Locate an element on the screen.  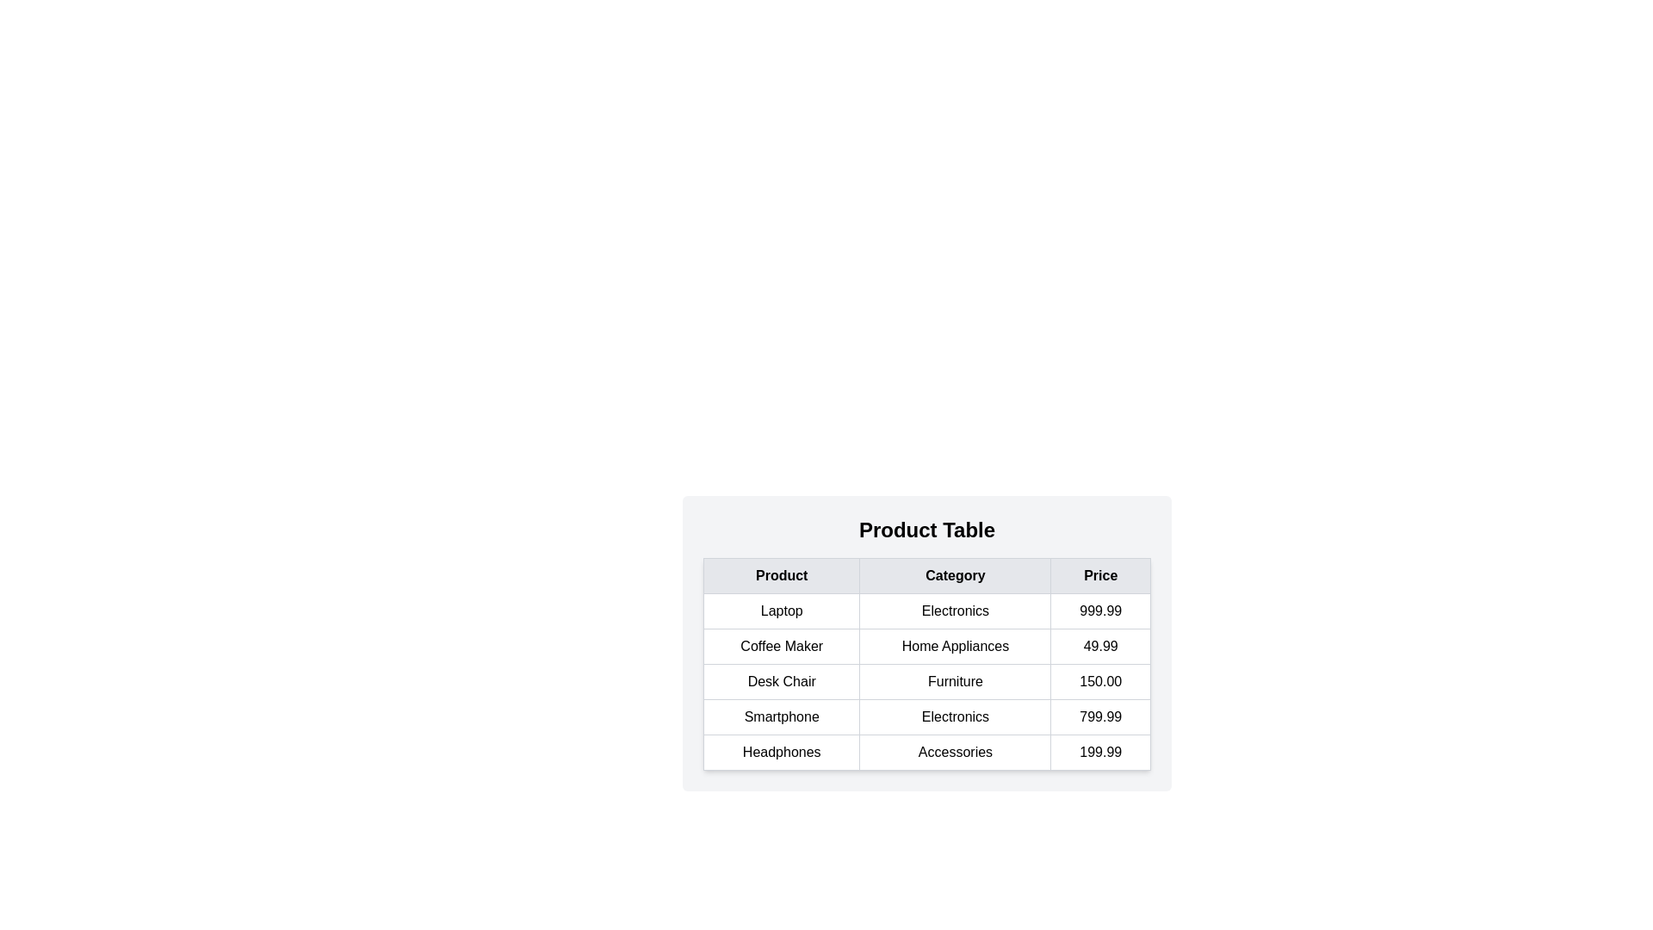
the numeric text '999.99' in the 'Price' column of the first row, which corresponds to the product 'Laptop' in the 'Electronics' category is located at coordinates (1099, 610).